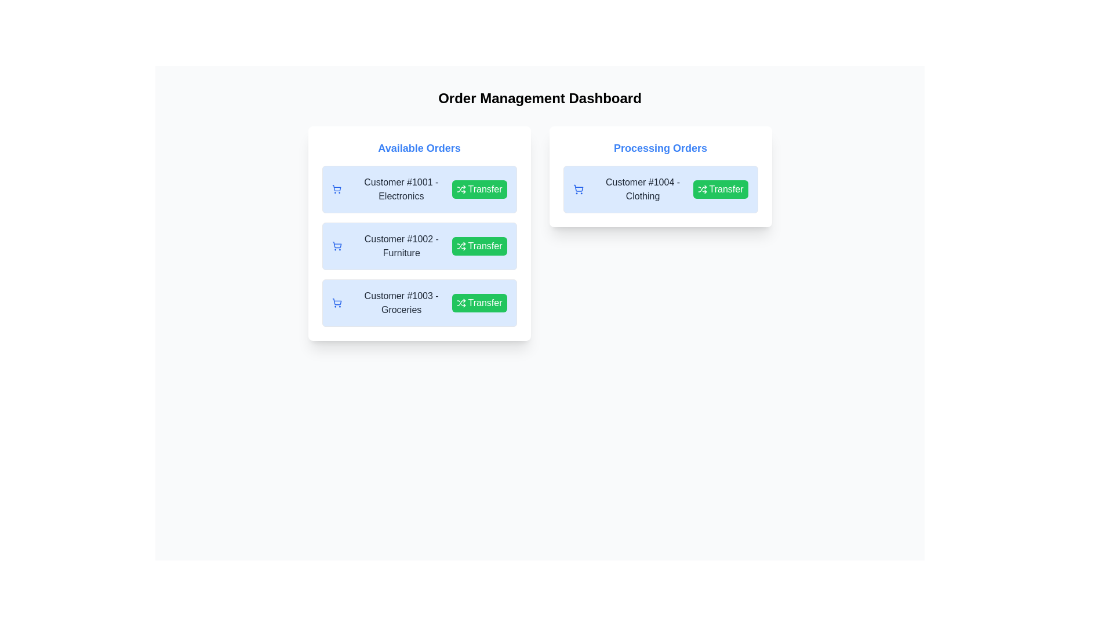 This screenshot has height=626, width=1113. What do you see at coordinates (392, 303) in the screenshot?
I see `the text label reading 'Customer #1003 - Groceries' in the 'Available Orders' column, which is the third entry in the list with a shopping cart icon to its left` at bounding box center [392, 303].